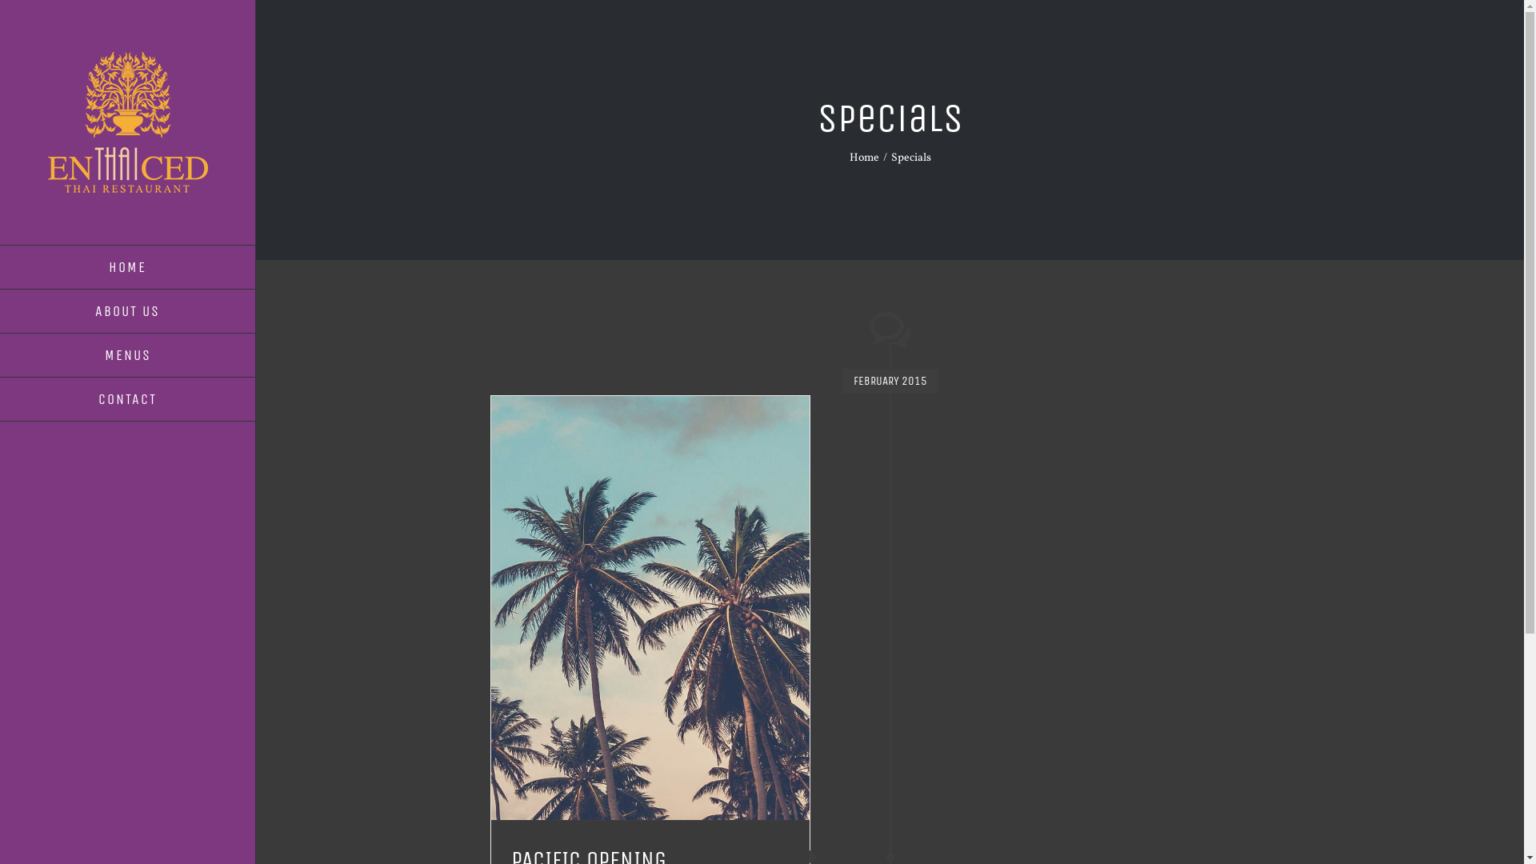 The width and height of the screenshot is (1536, 864). What do you see at coordinates (126, 354) in the screenshot?
I see `'MENUS'` at bounding box center [126, 354].